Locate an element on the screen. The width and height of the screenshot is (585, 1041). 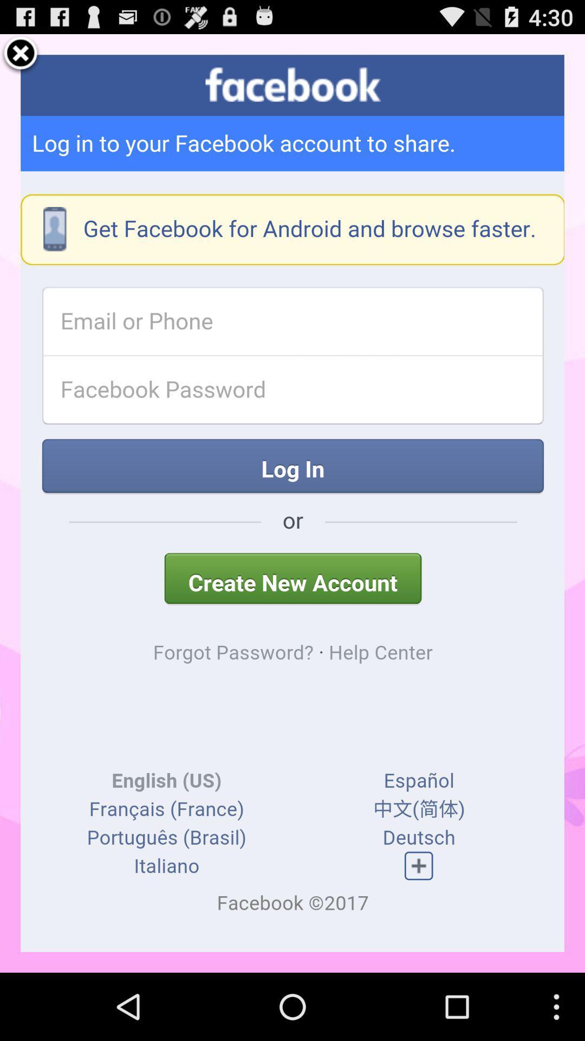
cancel is located at coordinates (21, 54).